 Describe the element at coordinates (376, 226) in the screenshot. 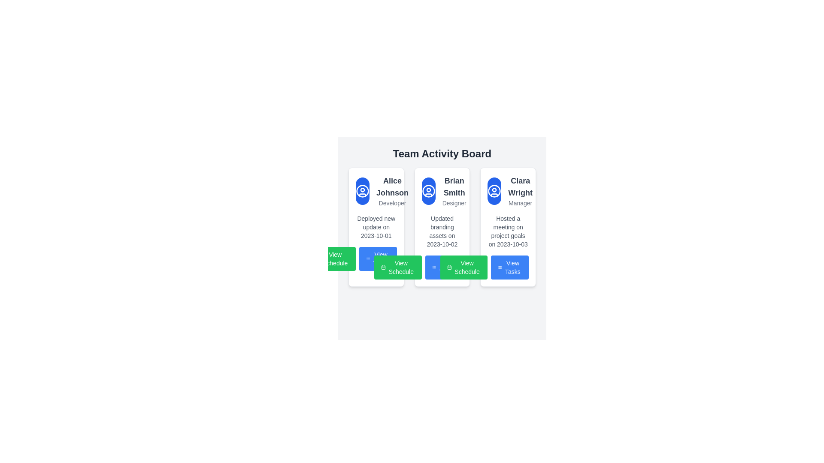

I see `the status indicator text label for 'Alice Johnson', which is located below the 'Developer' label and above the action buttons in the user card` at that location.